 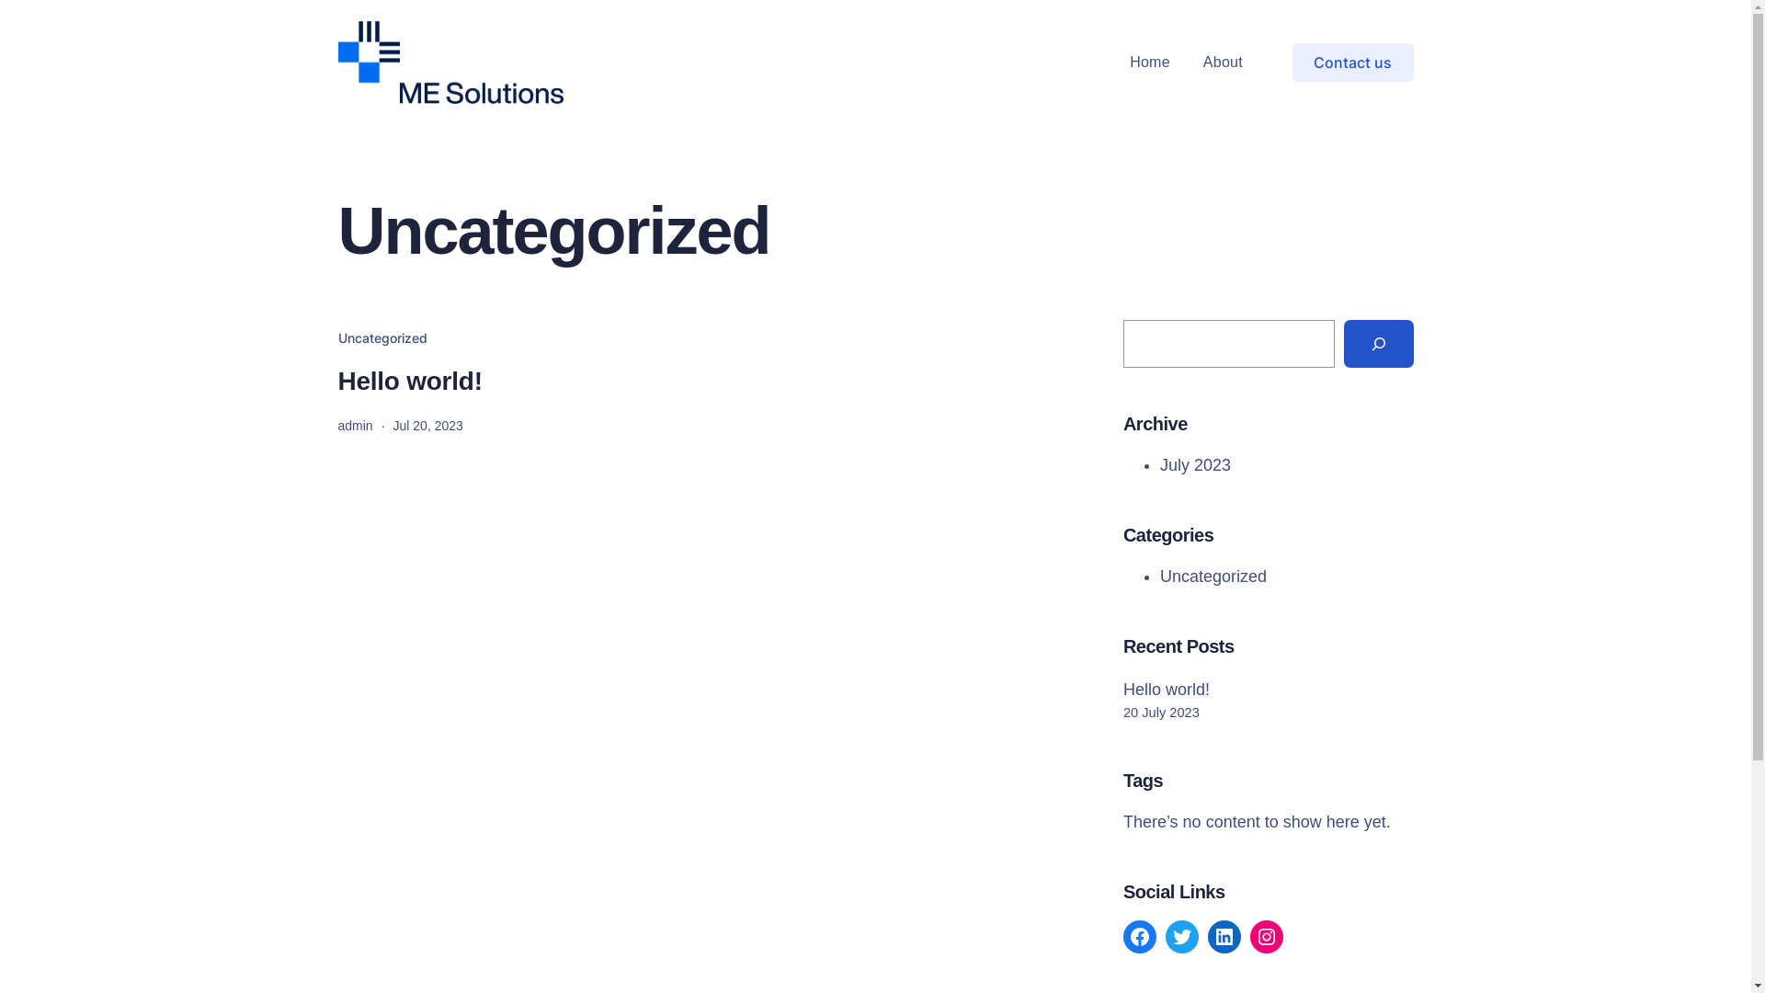 What do you see at coordinates (1128, 62) in the screenshot?
I see `'Home'` at bounding box center [1128, 62].